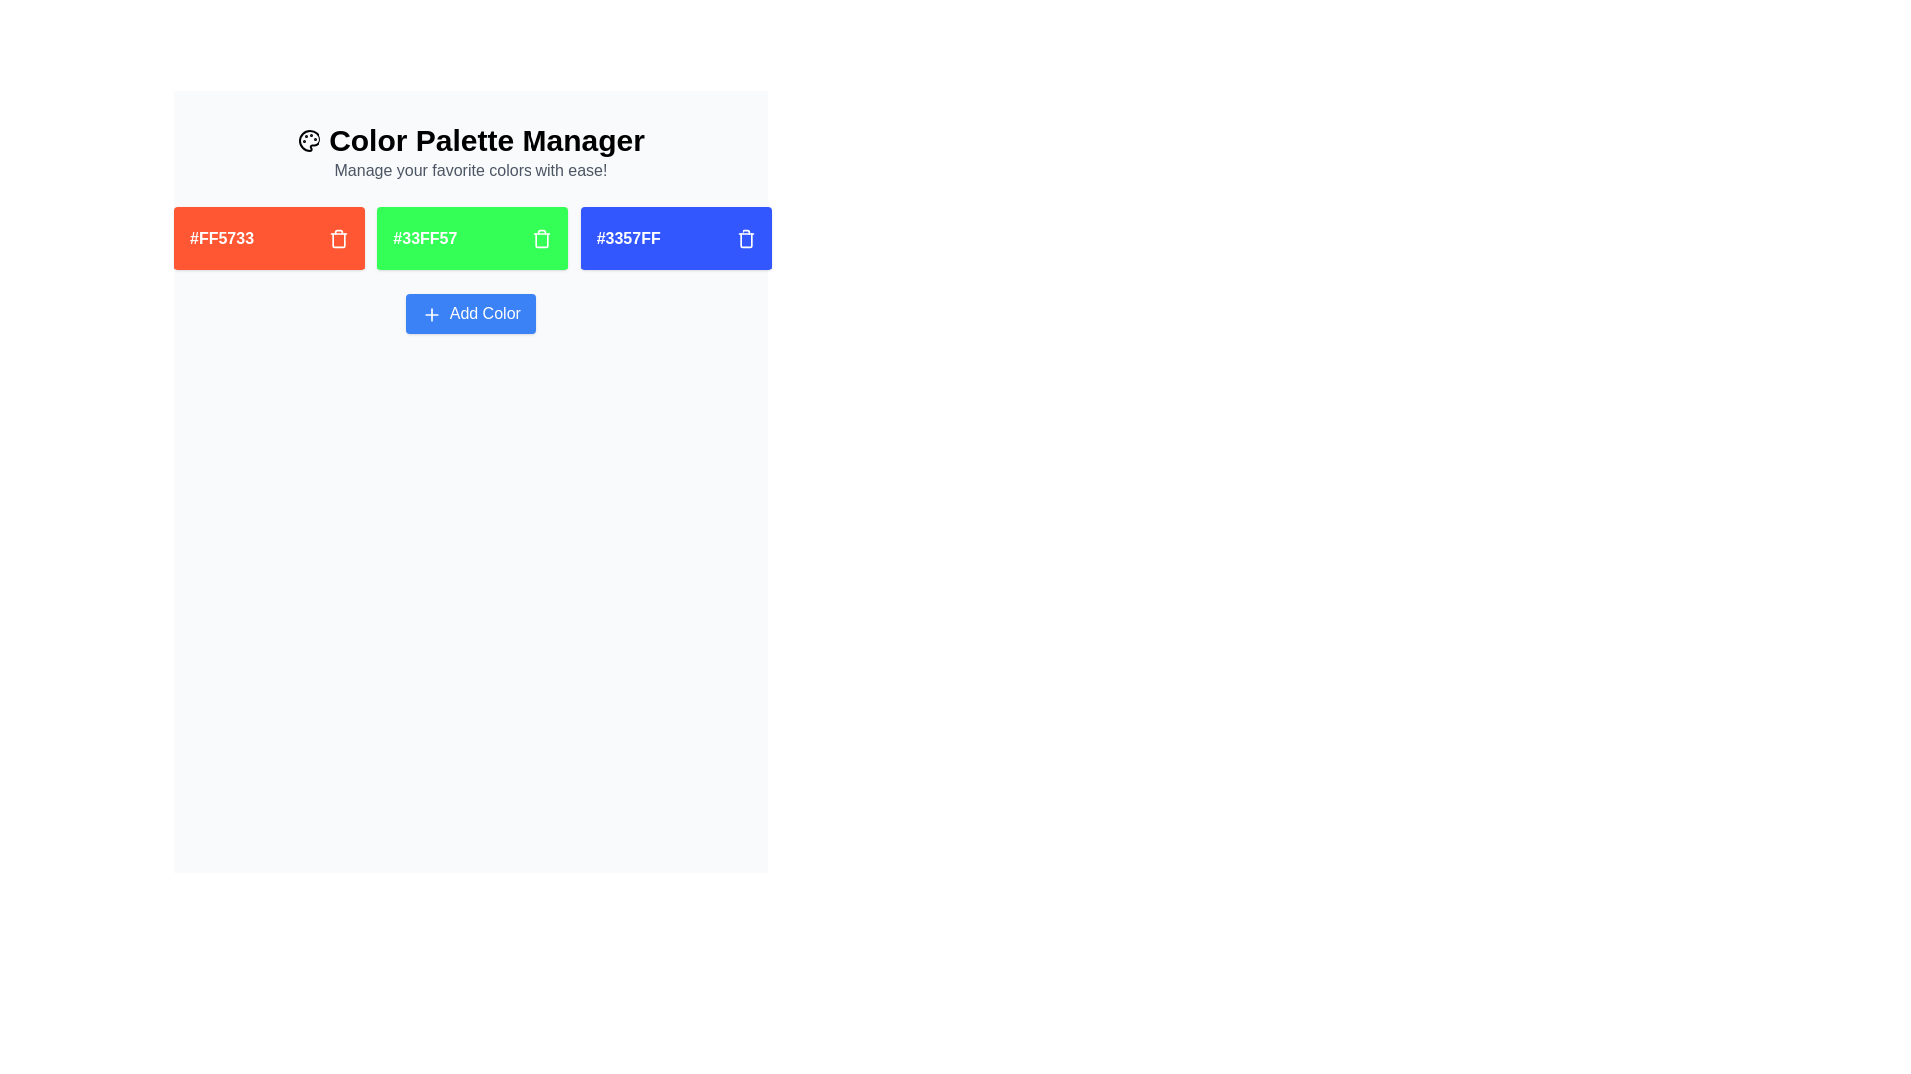 The width and height of the screenshot is (1911, 1074). I want to click on the text label displaying a hexadecimal color code located in the first color block, adjacent to a trash icon, so click(222, 237).